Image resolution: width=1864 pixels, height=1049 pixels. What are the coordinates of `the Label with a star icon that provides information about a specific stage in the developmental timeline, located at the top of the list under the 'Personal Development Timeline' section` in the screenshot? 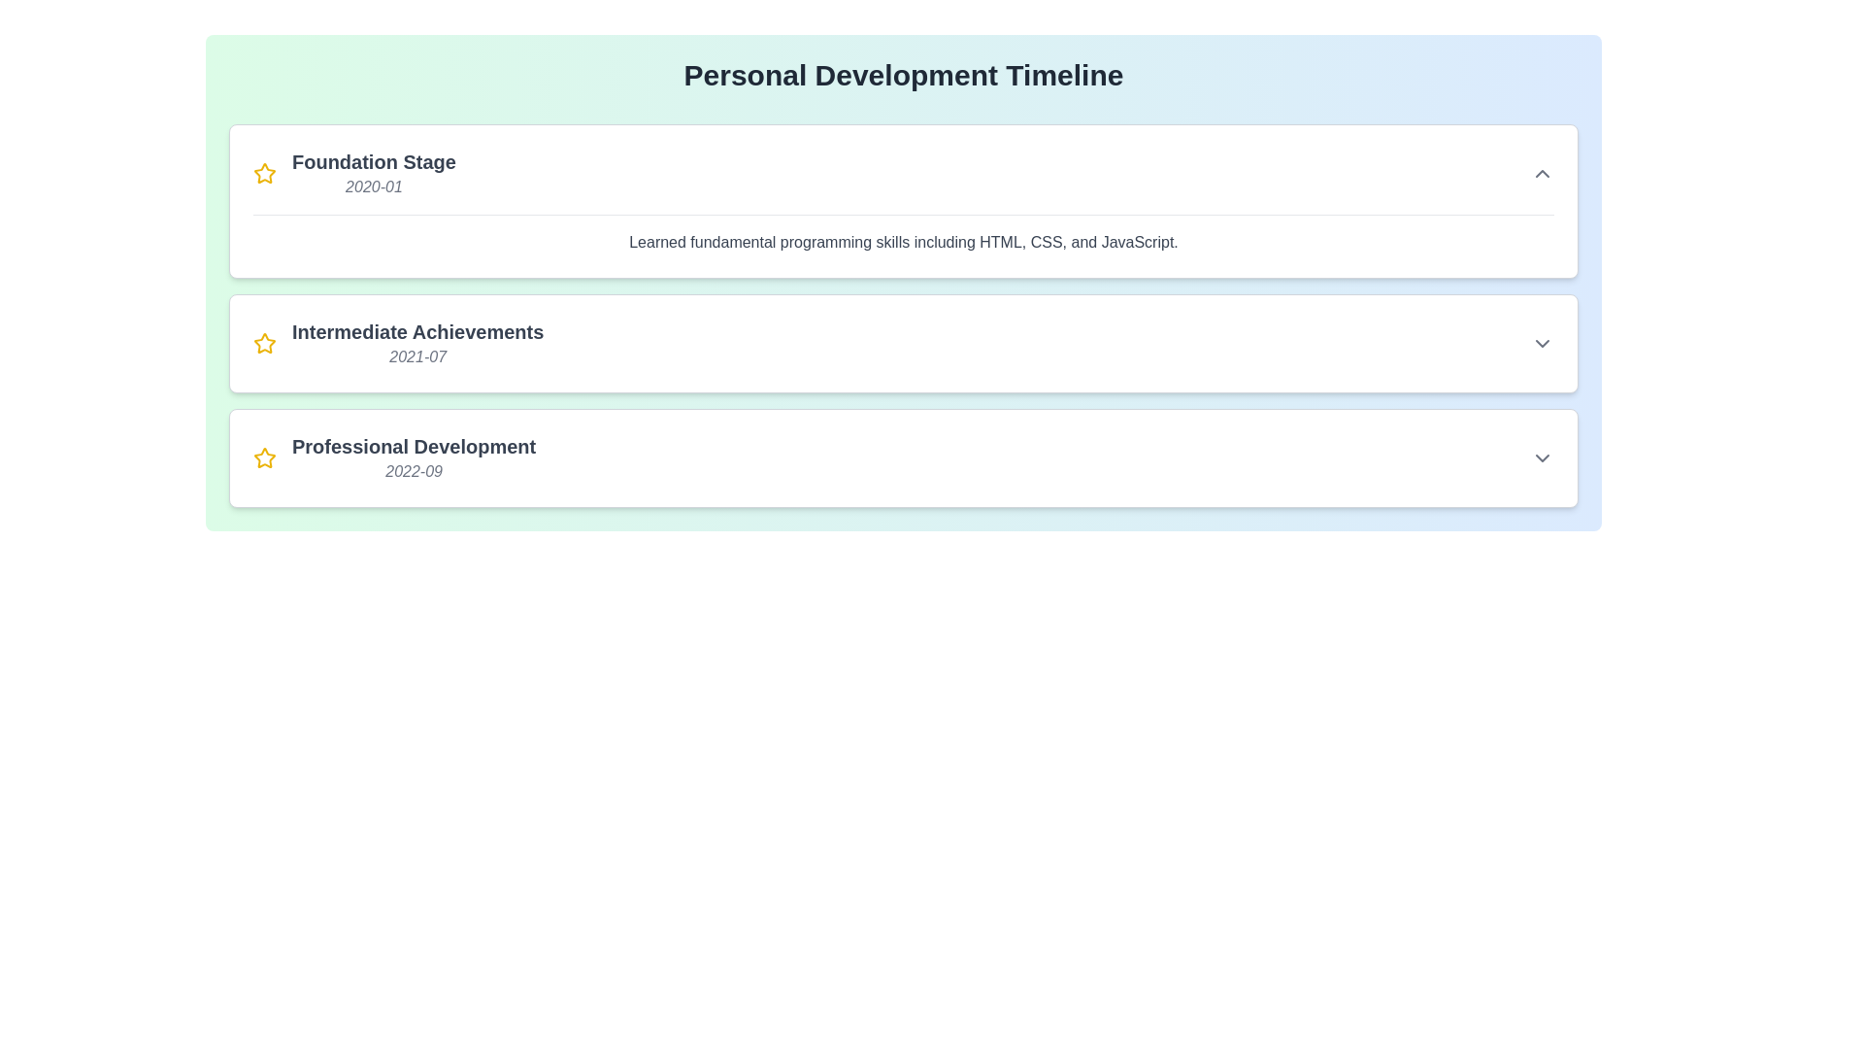 It's located at (354, 172).